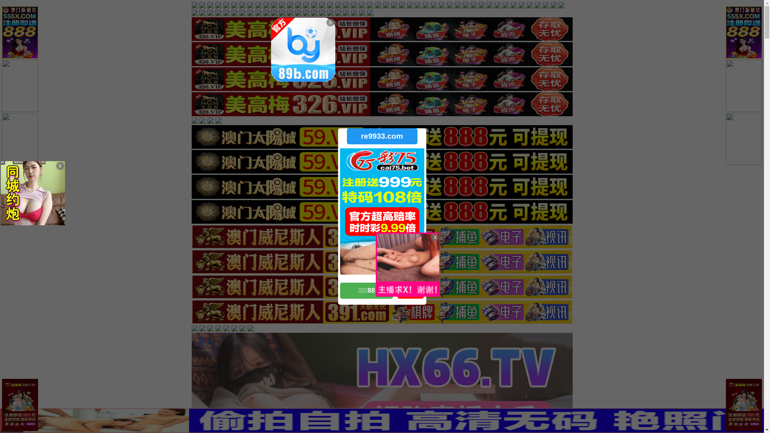 The image size is (770, 433). Describe the element at coordinates (381, 136) in the screenshot. I see `'re9933.com'` at that location.